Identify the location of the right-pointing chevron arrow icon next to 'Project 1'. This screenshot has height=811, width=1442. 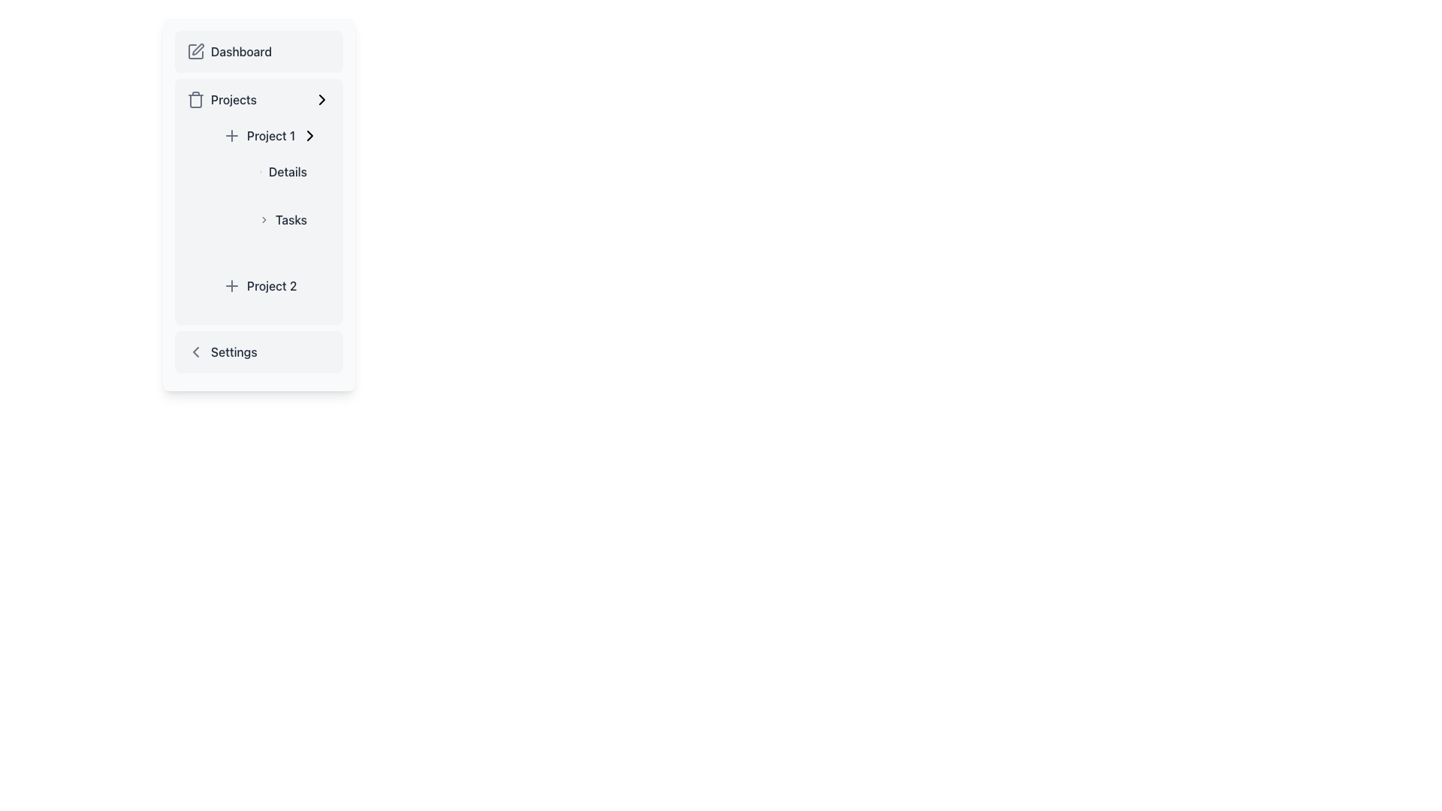
(309, 136).